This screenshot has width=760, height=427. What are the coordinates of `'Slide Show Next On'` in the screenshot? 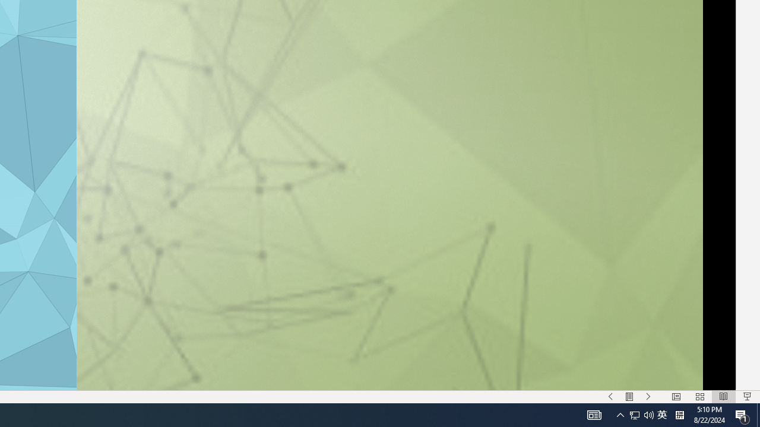 It's located at (648, 397).